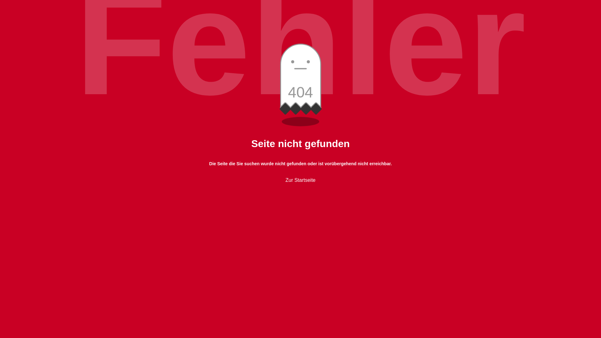  What do you see at coordinates (285, 180) in the screenshot?
I see `'Zur Startseite'` at bounding box center [285, 180].